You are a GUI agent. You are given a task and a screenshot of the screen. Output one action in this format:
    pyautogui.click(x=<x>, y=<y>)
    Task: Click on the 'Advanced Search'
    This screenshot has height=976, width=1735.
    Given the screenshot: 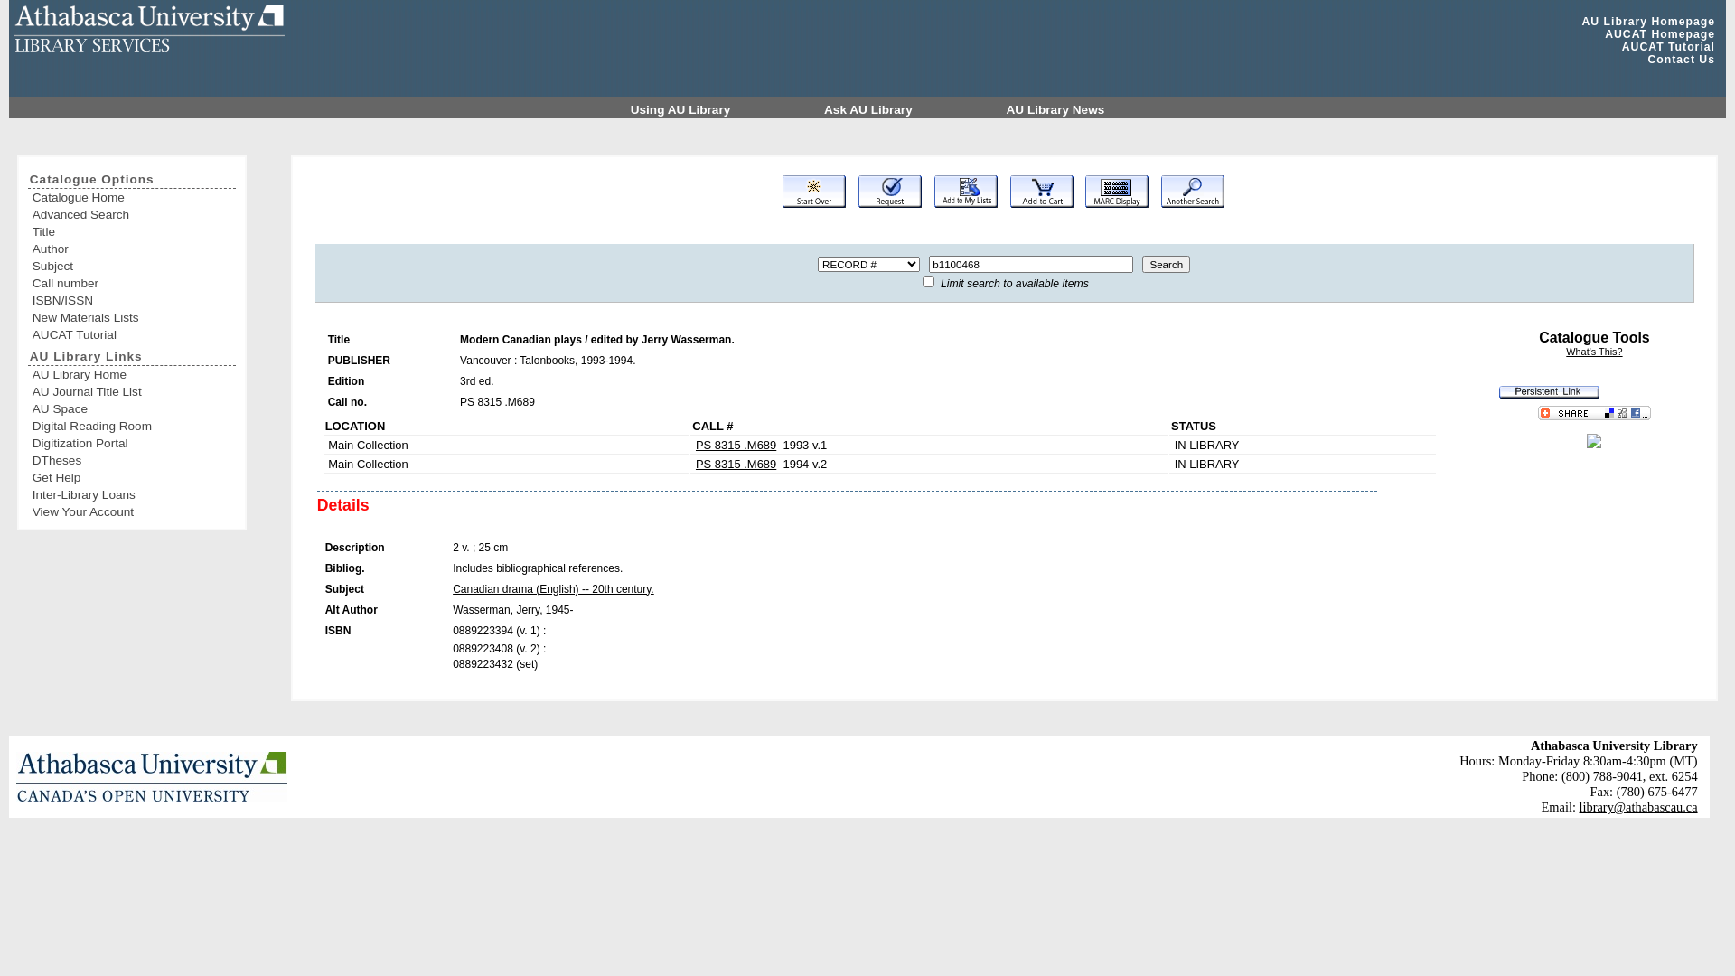 What is the action you would take?
    pyautogui.click(x=32, y=213)
    